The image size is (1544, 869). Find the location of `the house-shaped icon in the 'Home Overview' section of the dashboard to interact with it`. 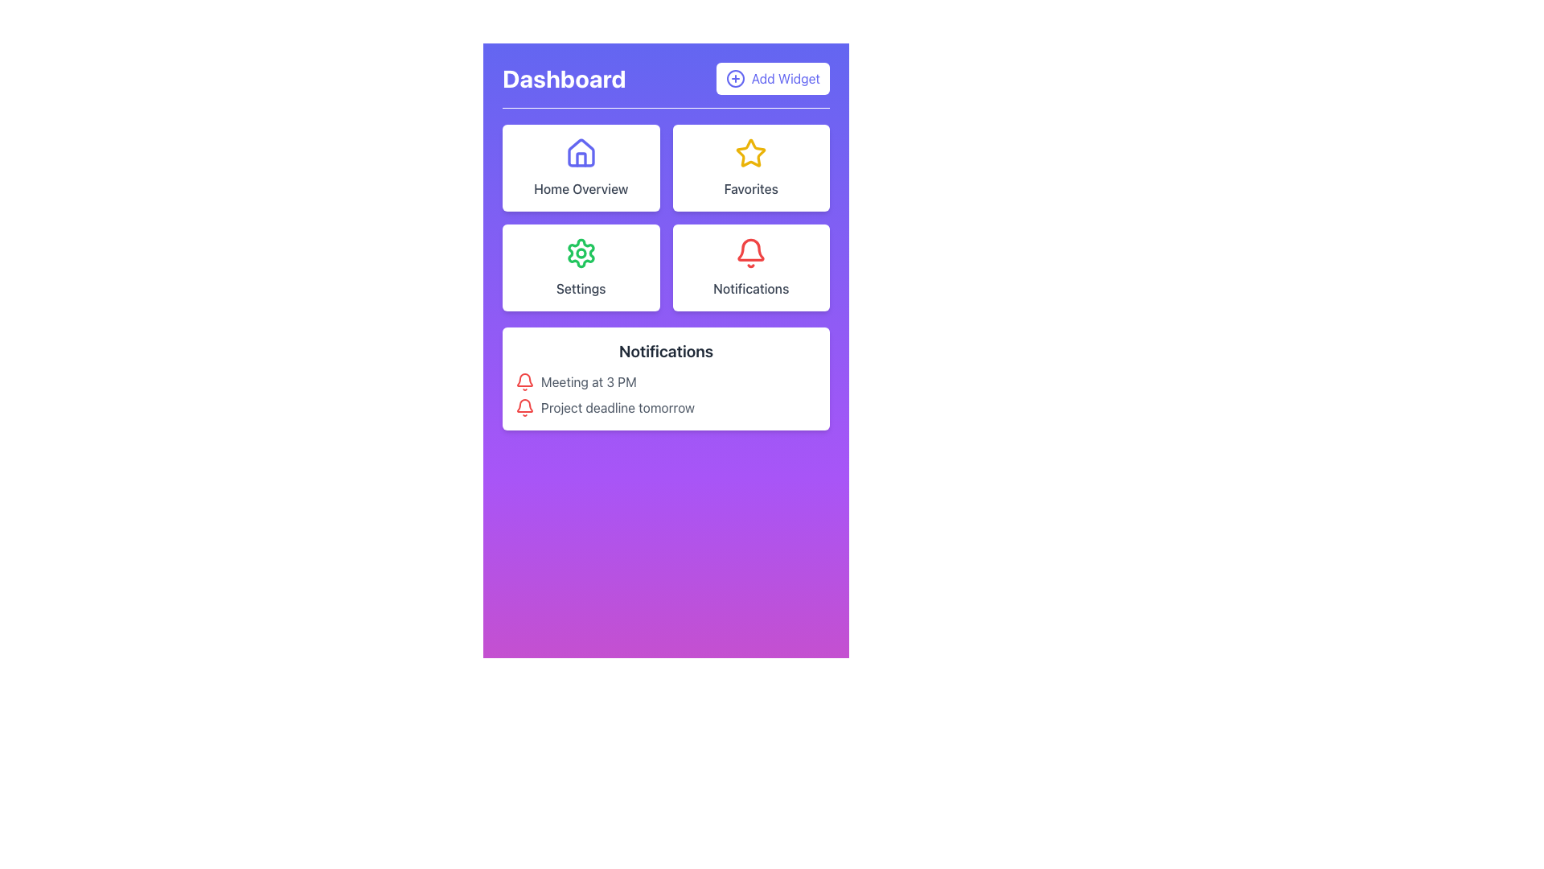

the house-shaped icon in the 'Home Overview' section of the dashboard to interact with it is located at coordinates (580, 153).